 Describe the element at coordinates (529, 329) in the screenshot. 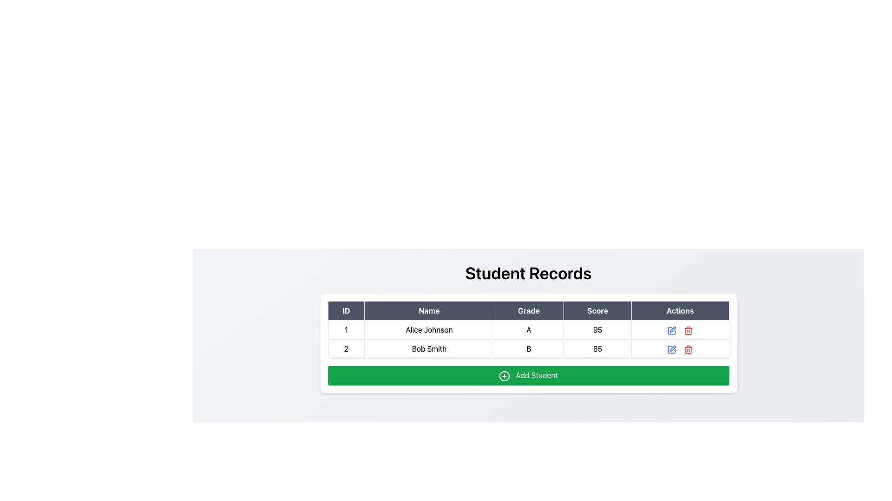

I see `the Text Display element containing the text 'A' in the 'Grade' column for the student Alice Johnson, which is located in the first row of the student record table` at that location.